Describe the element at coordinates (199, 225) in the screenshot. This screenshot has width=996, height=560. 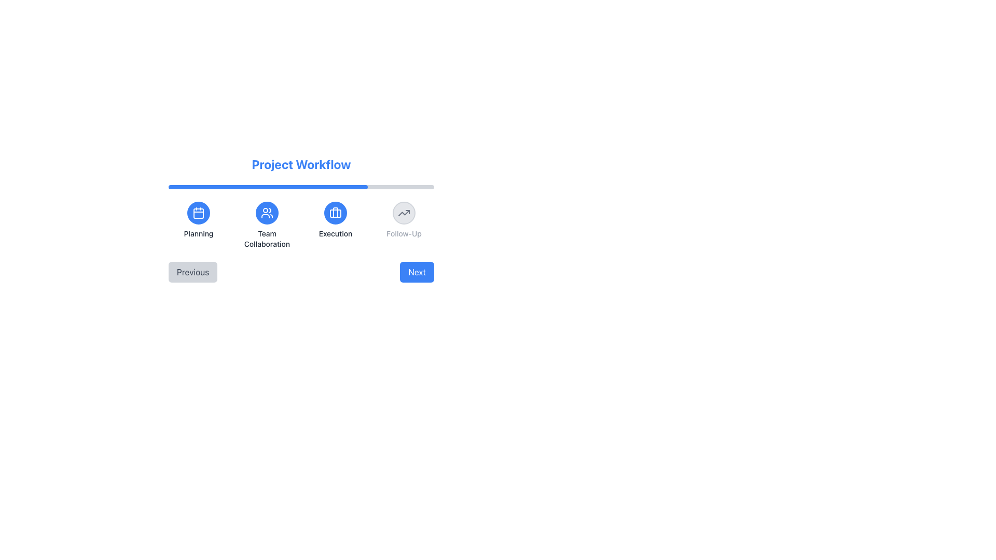
I see `the 'Planning' phase indicator icon and text located in the first column of a grid layout, positioned to the left of 'Team Collaboration'` at that location.